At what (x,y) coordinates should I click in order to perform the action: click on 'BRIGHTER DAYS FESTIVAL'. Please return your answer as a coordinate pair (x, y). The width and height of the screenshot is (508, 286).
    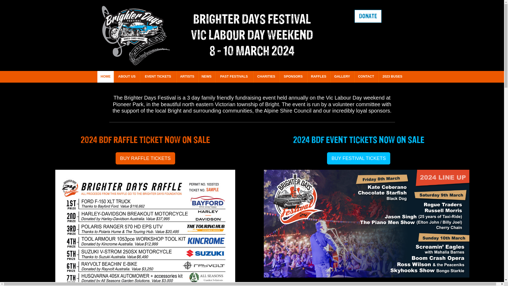
    Looking at the image, I should click on (252, 19).